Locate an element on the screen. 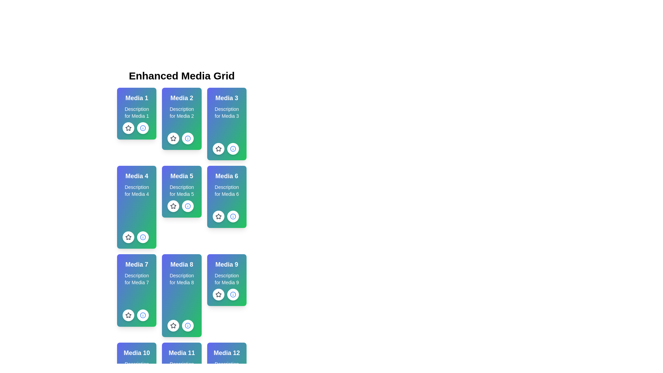 The image size is (663, 373). the star-shaped icon styled in gray to mark it as favorite, located in the bottom section of the 'Media 4' card is located at coordinates (128, 237).